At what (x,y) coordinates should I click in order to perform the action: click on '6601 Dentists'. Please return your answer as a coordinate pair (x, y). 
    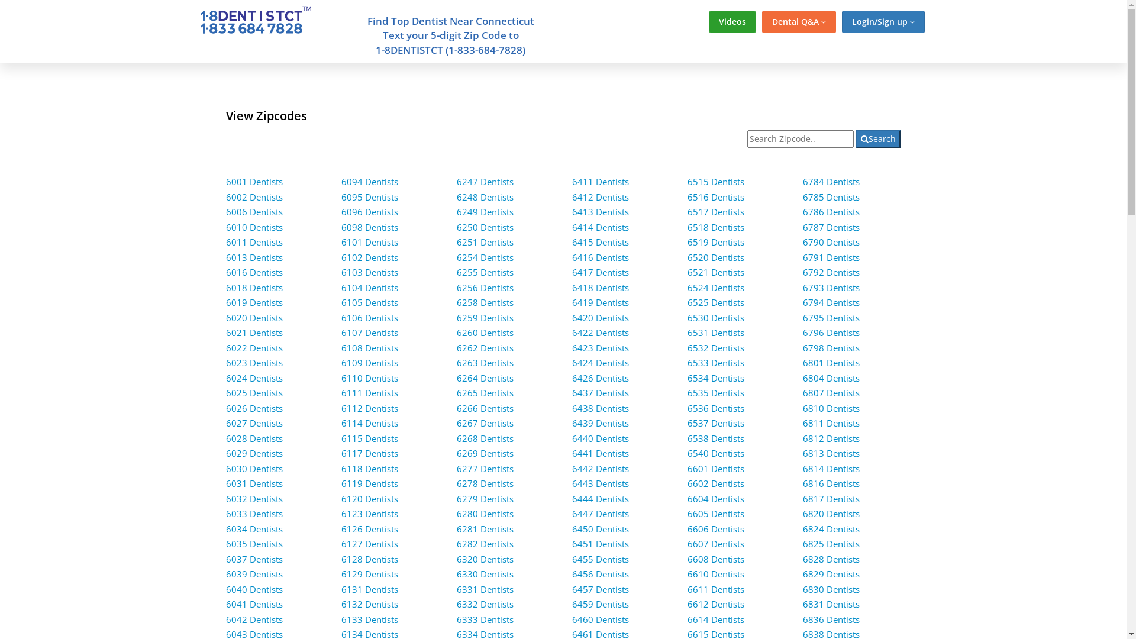
    Looking at the image, I should click on (687, 467).